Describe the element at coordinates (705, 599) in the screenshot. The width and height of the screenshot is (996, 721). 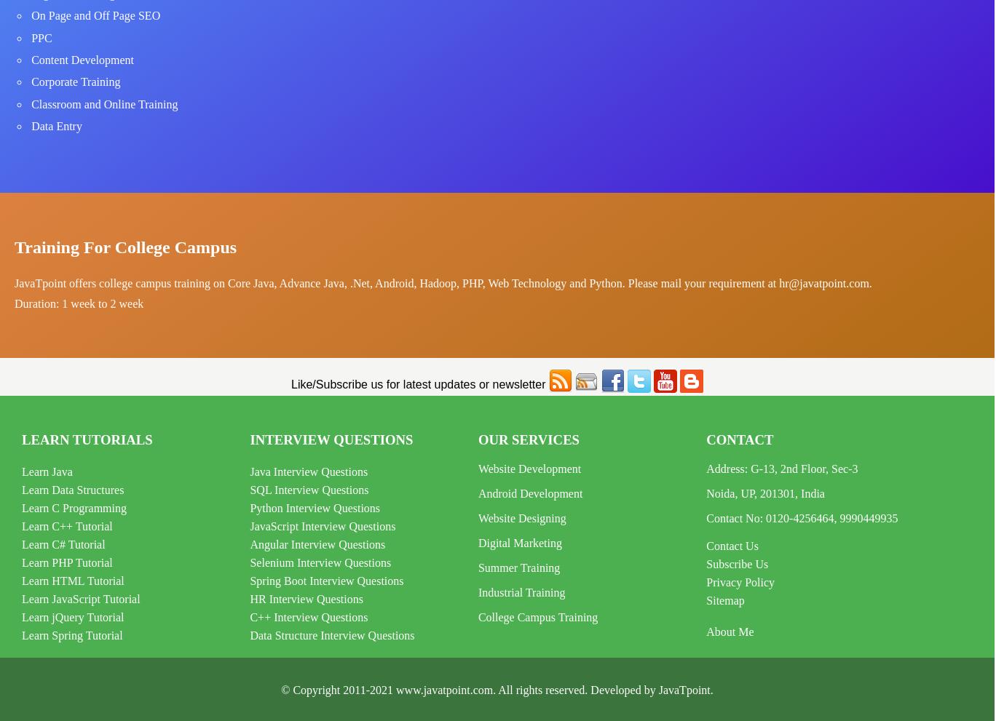
I see `'Sitemap'` at that location.